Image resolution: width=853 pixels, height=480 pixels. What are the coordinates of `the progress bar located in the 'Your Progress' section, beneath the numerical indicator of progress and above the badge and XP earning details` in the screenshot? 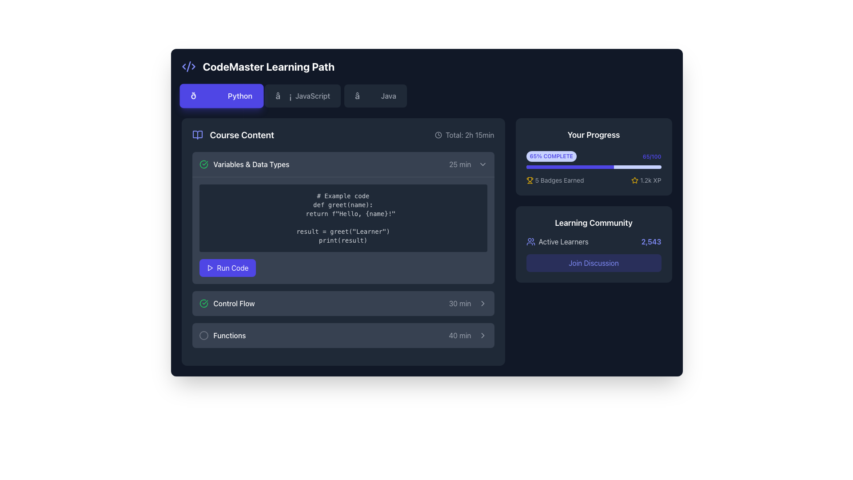 It's located at (594, 167).